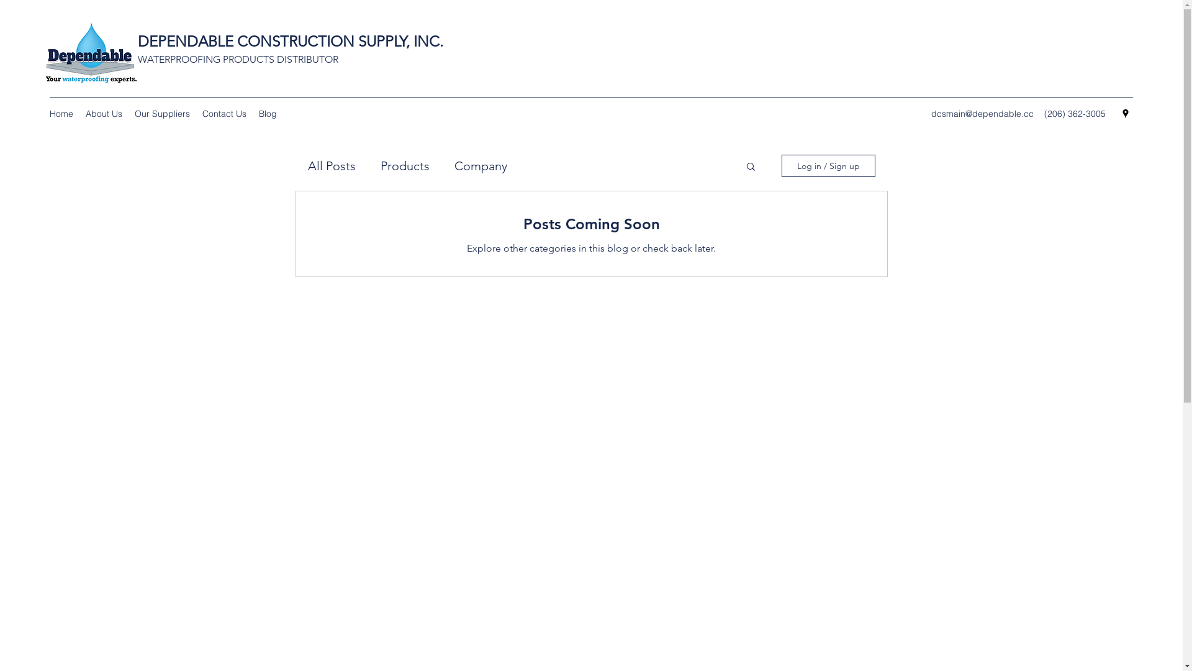  What do you see at coordinates (307, 165) in the screenshot?
I see `'All Posts'` at bounding box center [307, 165].